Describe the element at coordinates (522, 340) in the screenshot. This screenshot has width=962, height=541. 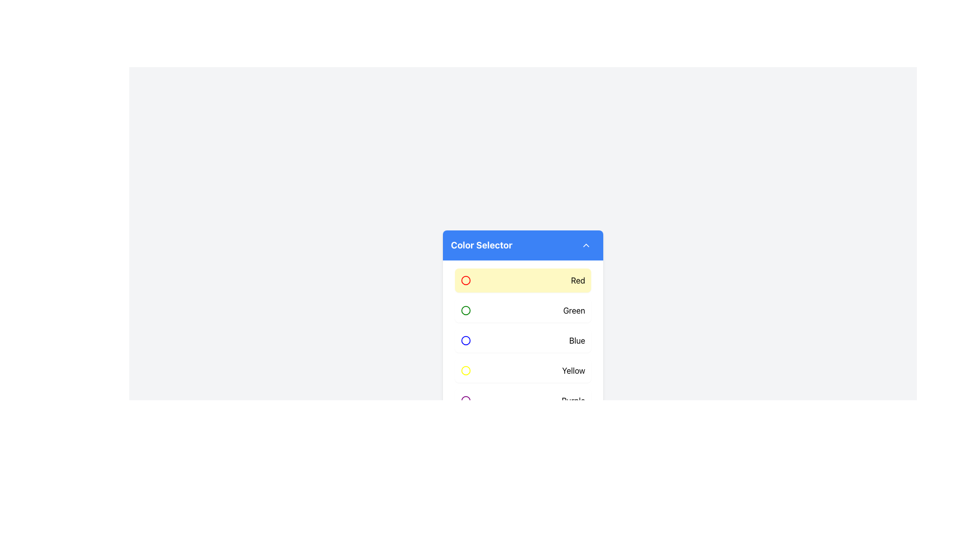
I see `the 'Blue' selectable list item in the color selector component` at that location.